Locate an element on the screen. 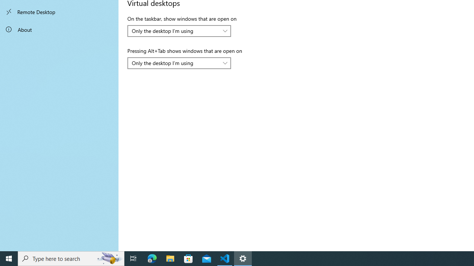 The width and height of the screenshot is (474, 266). 'Remote Desktop' is located at coordinates (59, 12).